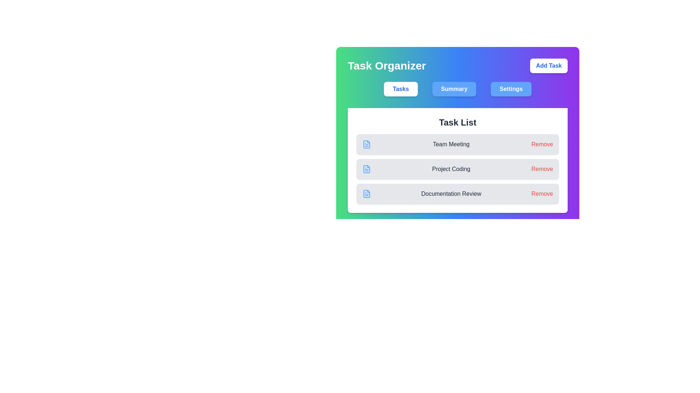  I want to click on the static text label displaying 'Project Coding' in the second task card of the vertically stacked list of tasks, so click(451, 169).